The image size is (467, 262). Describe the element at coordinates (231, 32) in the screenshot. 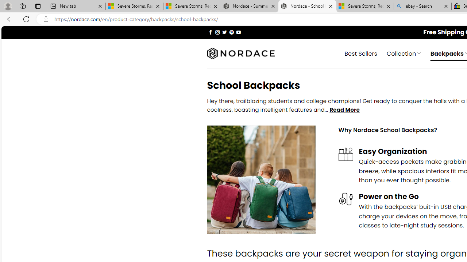

I see `'Follow on Pinterest'` at that location.